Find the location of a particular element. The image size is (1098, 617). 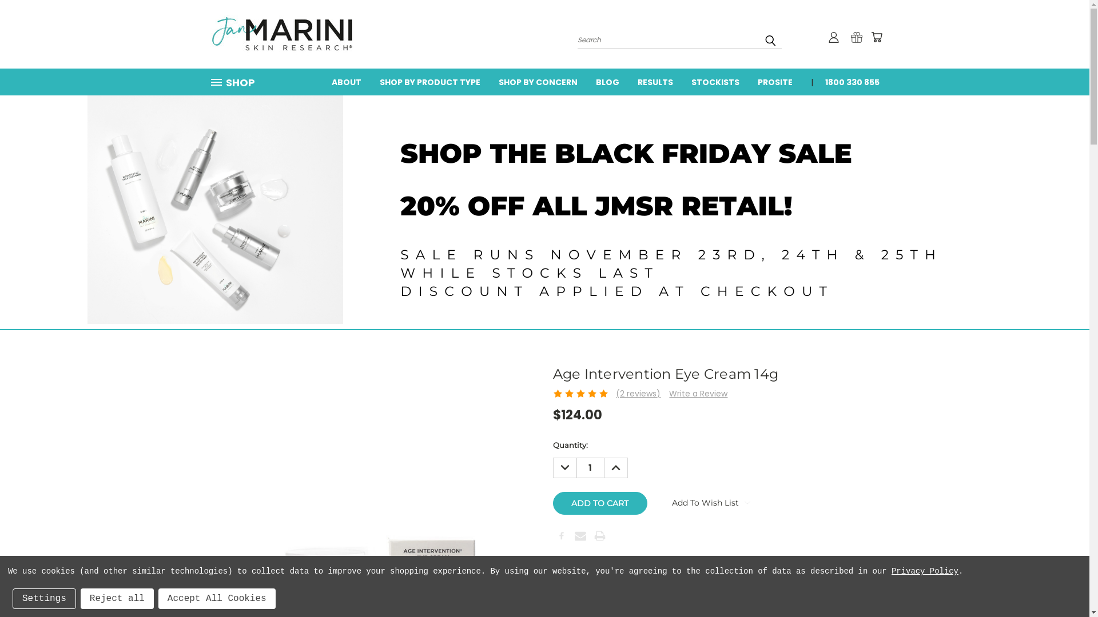

'(2 reviews)' is located at coordinates (638, 393).